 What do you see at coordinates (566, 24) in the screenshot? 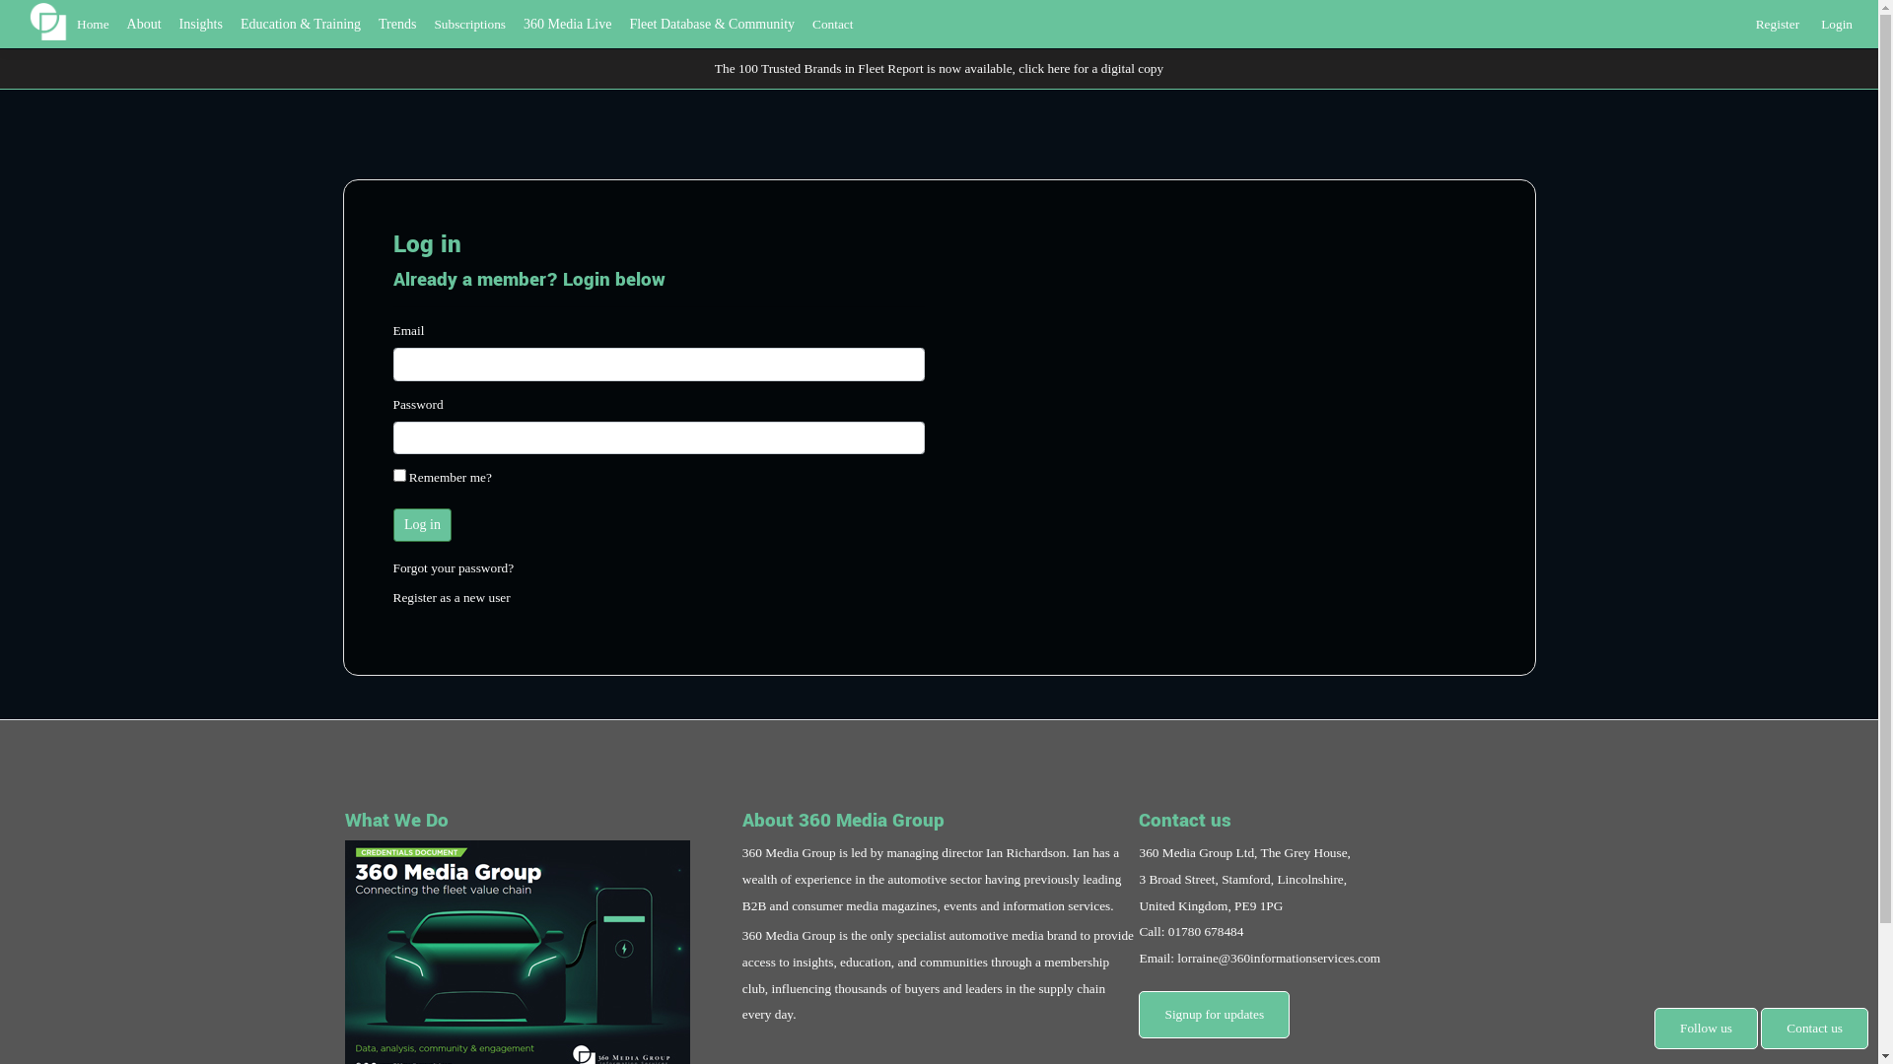
I see `'360 Media Live'` at bounding box center [566, 24].